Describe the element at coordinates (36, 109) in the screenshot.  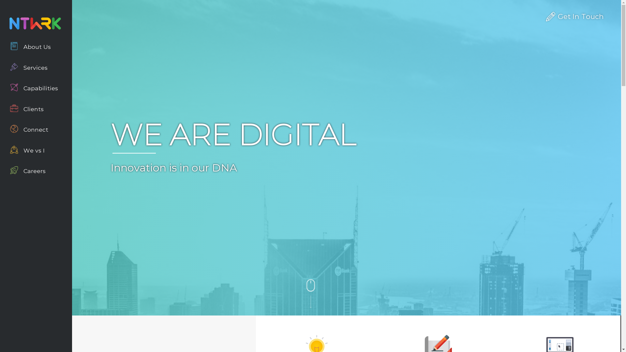
I see `'Clients'` at that location.